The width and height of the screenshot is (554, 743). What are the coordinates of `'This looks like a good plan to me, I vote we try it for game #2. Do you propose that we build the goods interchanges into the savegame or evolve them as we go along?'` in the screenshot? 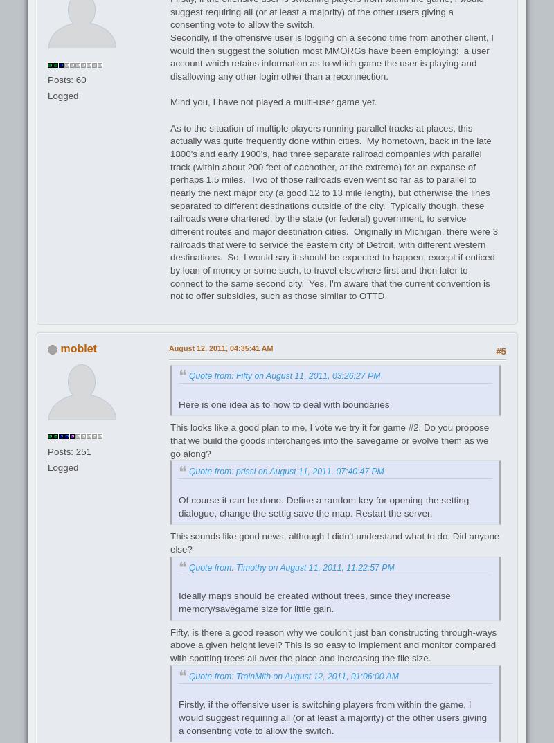 It's located at (330, 439).